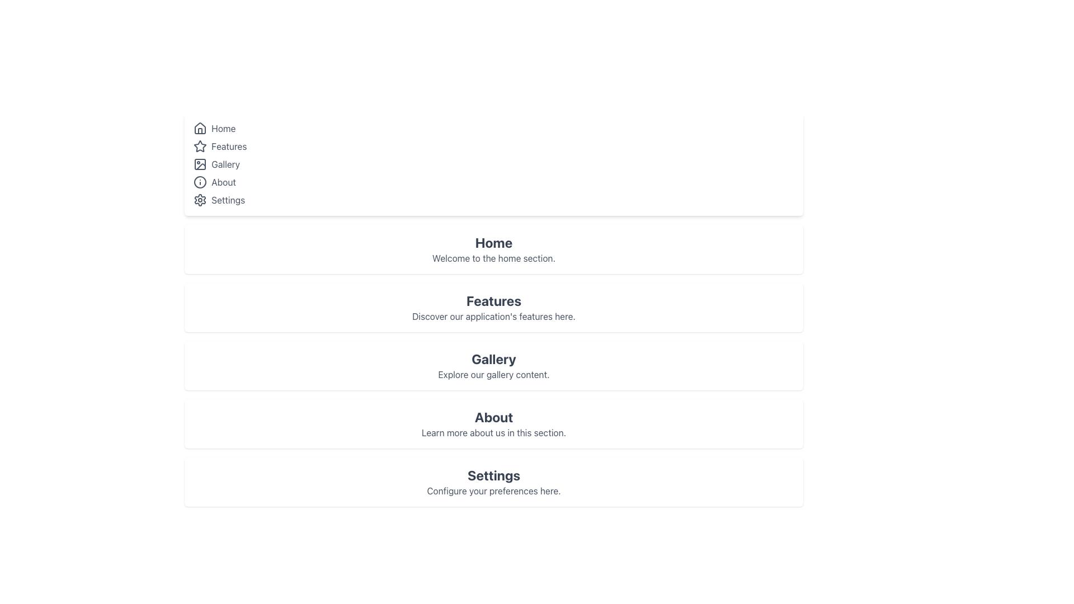  I want to click on the 'About' icon, which is an outlined circle with a lowercase 'i' inside, located in the vertical navigation menu as the fourth icon, so click(200, 182).